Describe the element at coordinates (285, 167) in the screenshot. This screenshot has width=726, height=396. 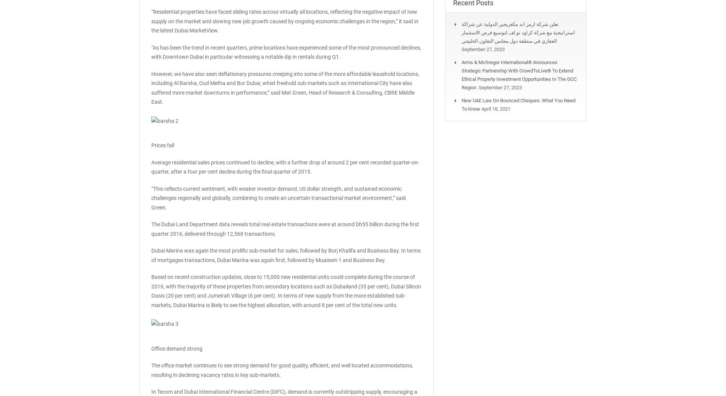
I see `'Average residential sales prices continued to decline, with a further drop of around 2 per cent recorded quarter-on-quarter, after a four per cent decline during the final quarter of 2015.'` at that location.